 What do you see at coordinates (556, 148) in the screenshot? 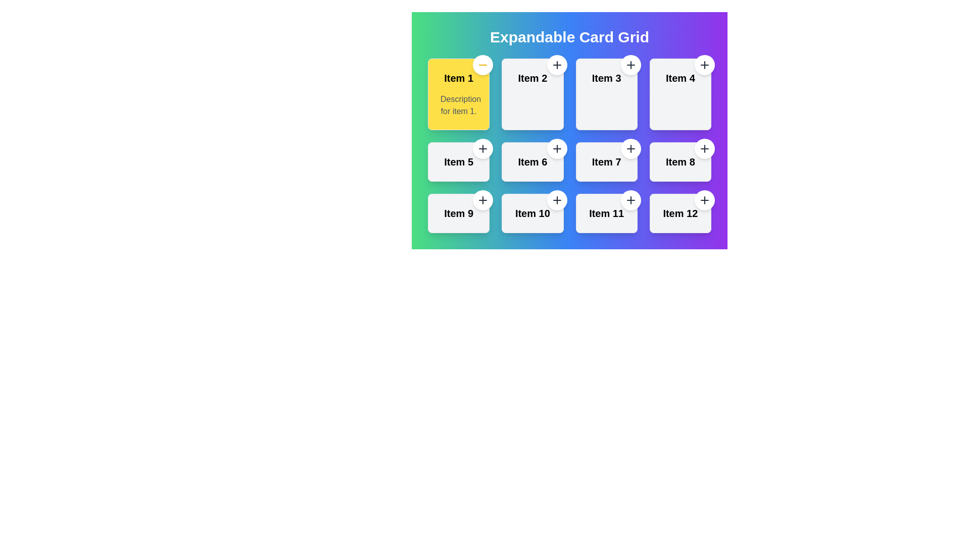
I see `the white circular button with a black '+' icon located at the top-right corner of the 'Item 6' card for keyboard interaction` at bounding box center [556, 148].